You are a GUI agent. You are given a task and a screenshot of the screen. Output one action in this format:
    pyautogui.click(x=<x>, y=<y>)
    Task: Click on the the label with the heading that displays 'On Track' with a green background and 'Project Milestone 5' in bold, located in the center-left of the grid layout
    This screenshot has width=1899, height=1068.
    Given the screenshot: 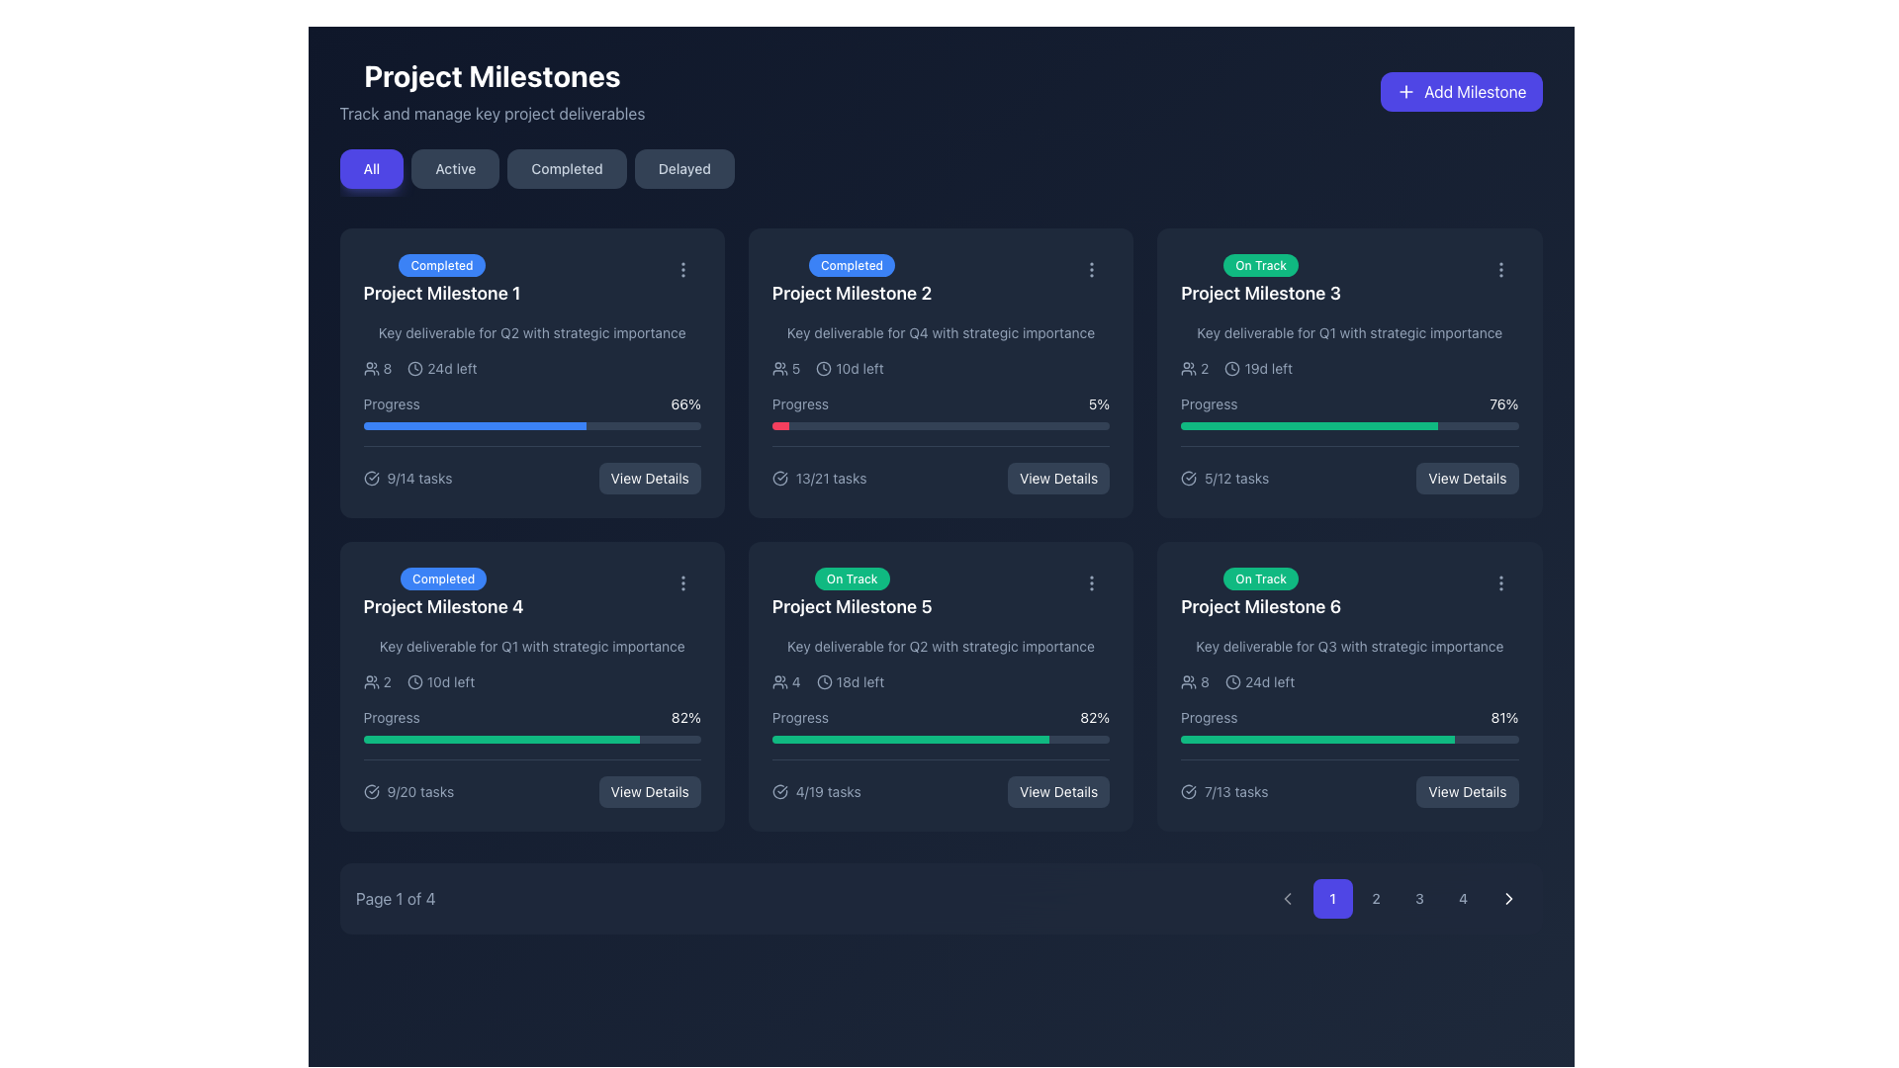 What is the action you would take?
    pyautogui.click(x=852, y=592)
    